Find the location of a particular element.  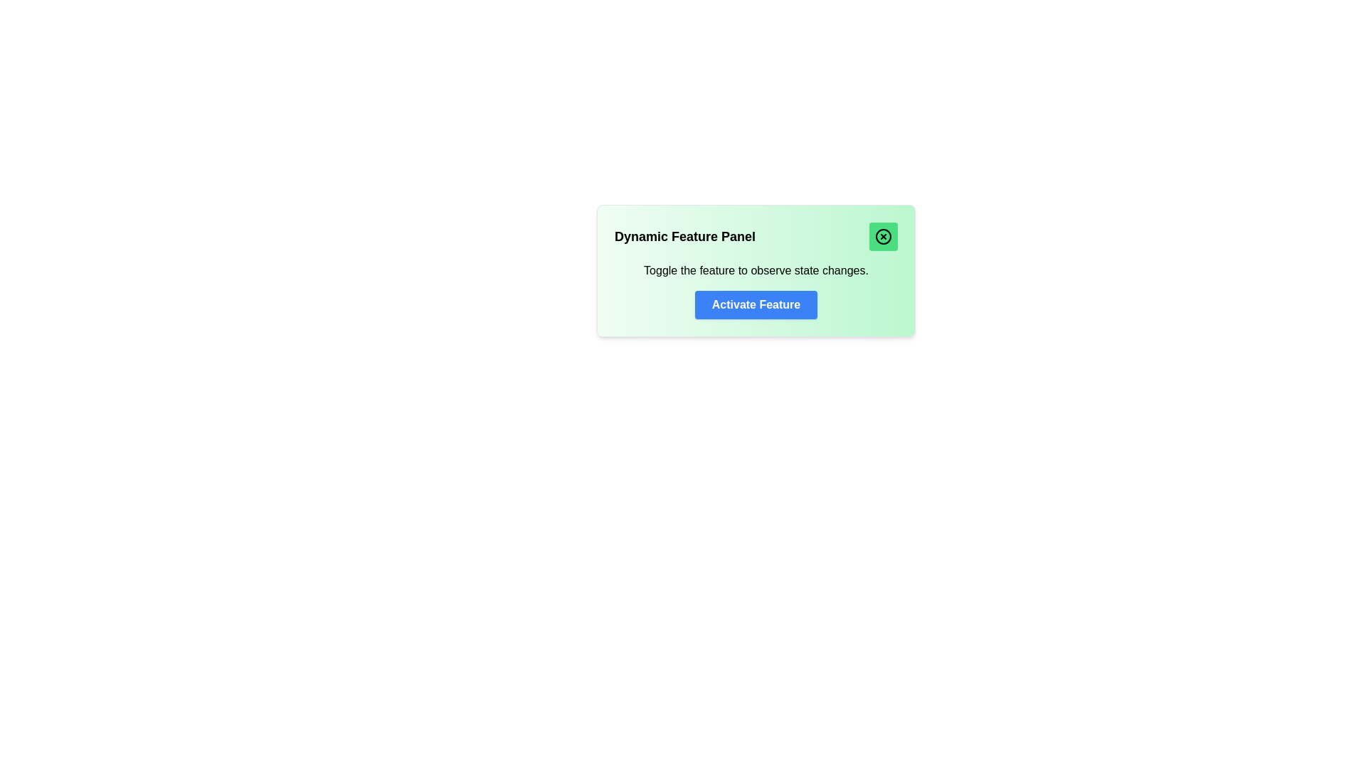

the green circular icon with a black border and a red cross symbol located in the top-right corner of the 'Dynamic Feature Panel' is located at coordinates (883, 235).